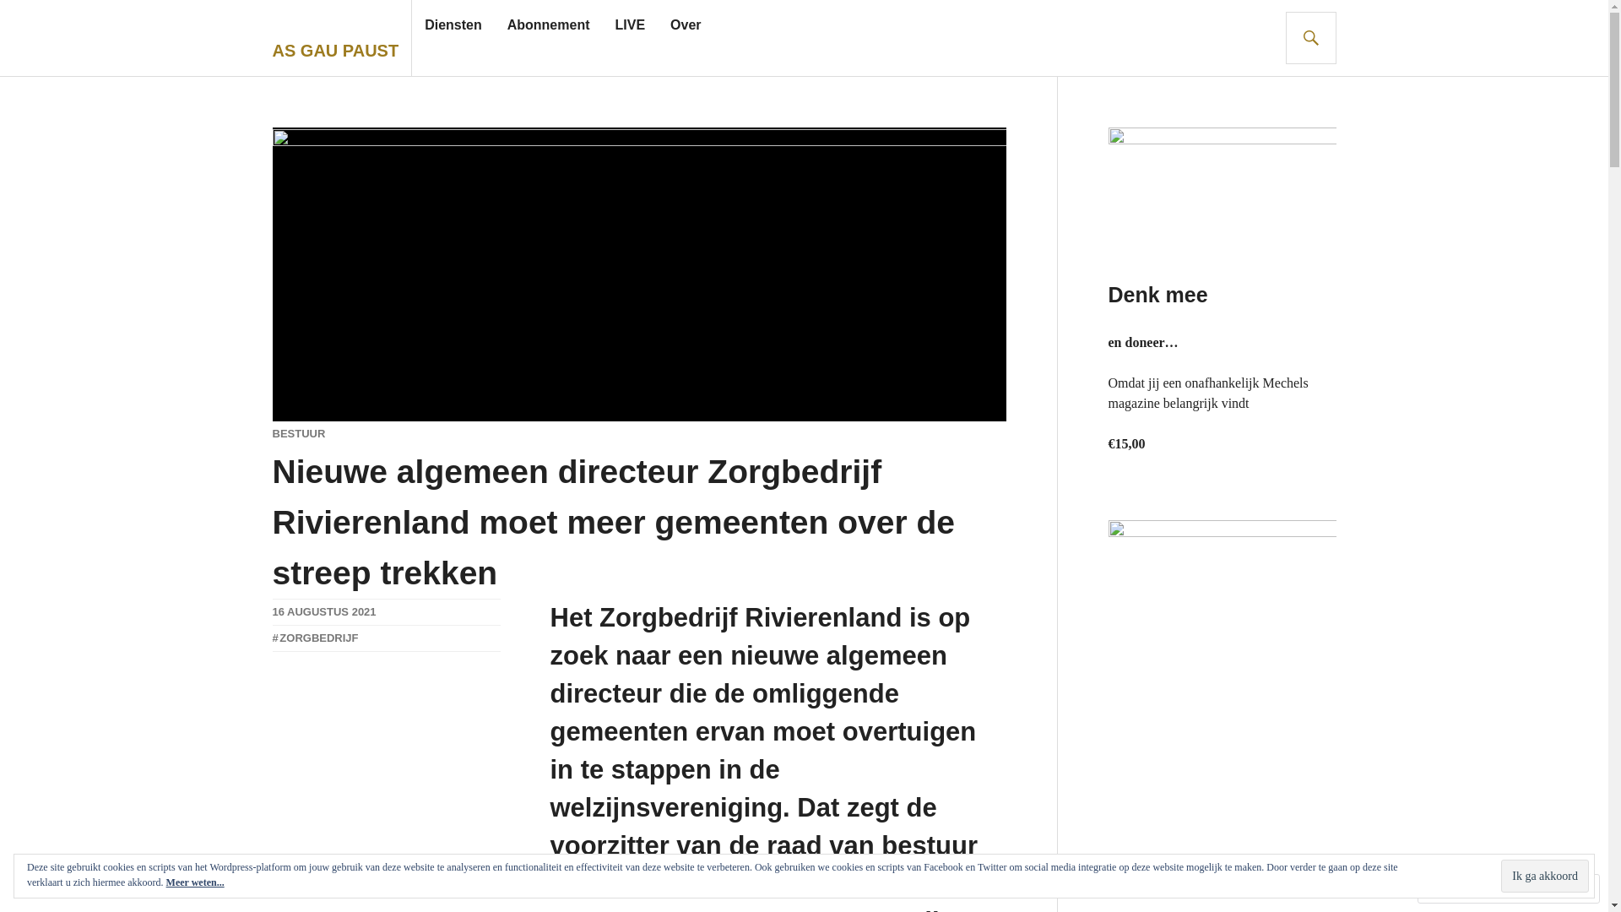 This screenshot has height=912, width=1621. I want to click on 'Abonnement', so click(548, 25).